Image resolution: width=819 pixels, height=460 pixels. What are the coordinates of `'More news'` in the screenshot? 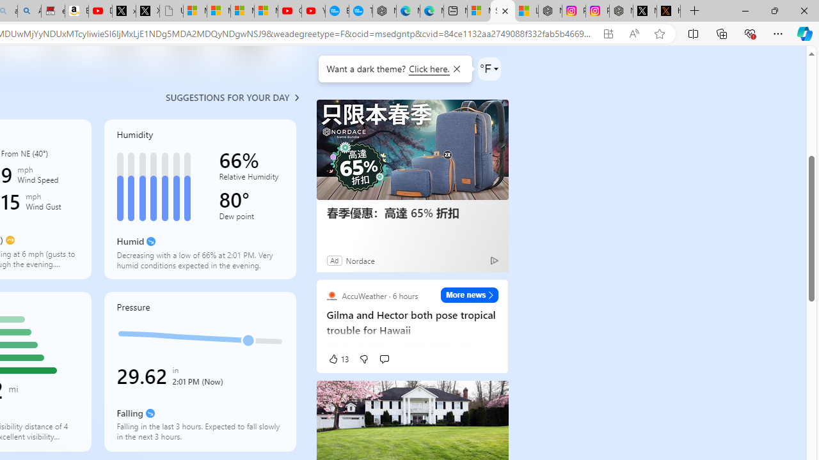 It's located at (469, 295).